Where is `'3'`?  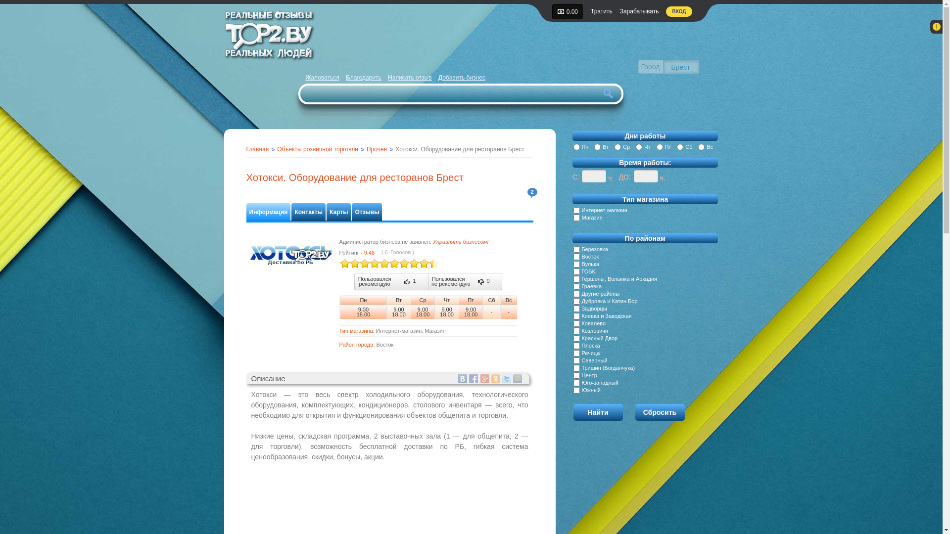
'3' is located at coordinates (354, 263).